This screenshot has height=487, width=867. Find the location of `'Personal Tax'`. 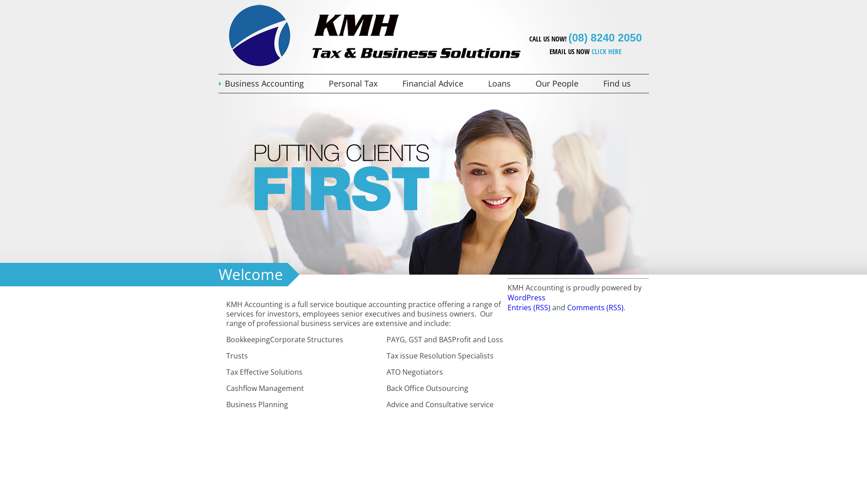

'Personal Tax' is located at coordinates (358, 83).